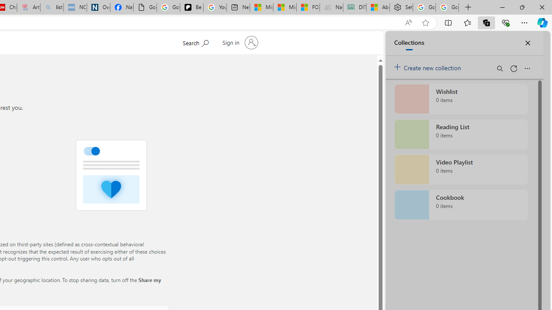 The width and height of the screenshot is (552, 310). What do you see at coordinates (468, 7) in the screenshot?
I see `'New Tab'` at bounding box center [468, 7].